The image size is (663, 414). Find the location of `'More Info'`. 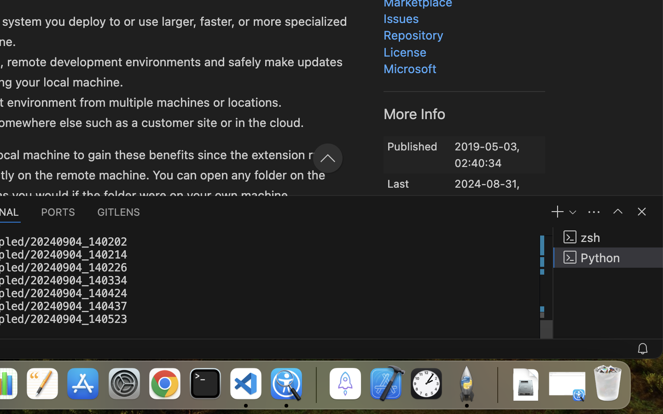

'More Info' is located at coordinates (415, 113).